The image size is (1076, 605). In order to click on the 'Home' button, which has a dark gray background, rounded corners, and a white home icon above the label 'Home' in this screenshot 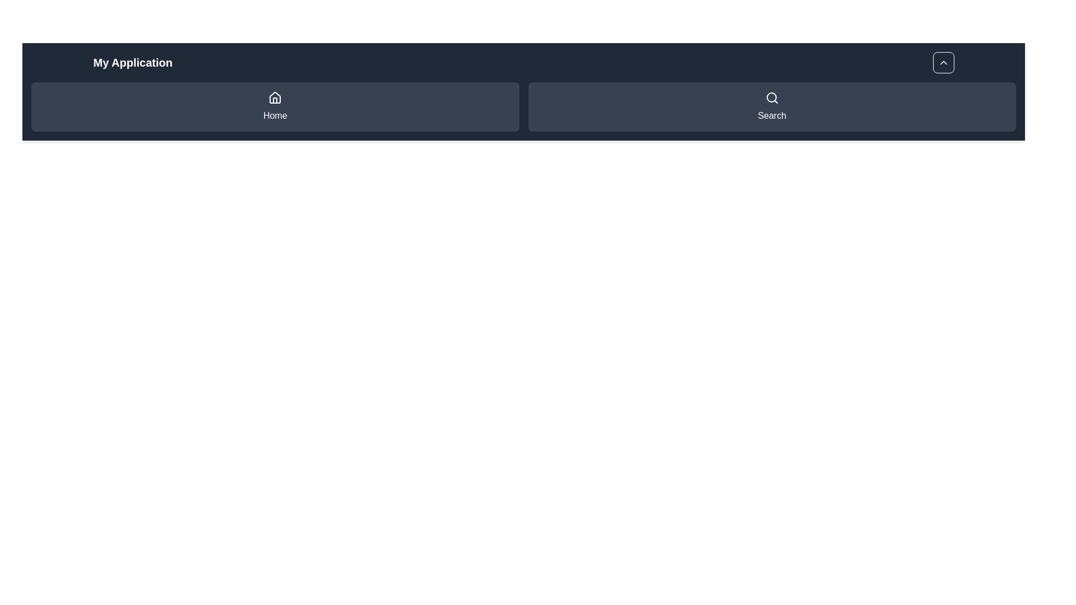, I will do `click(275, 107)`.